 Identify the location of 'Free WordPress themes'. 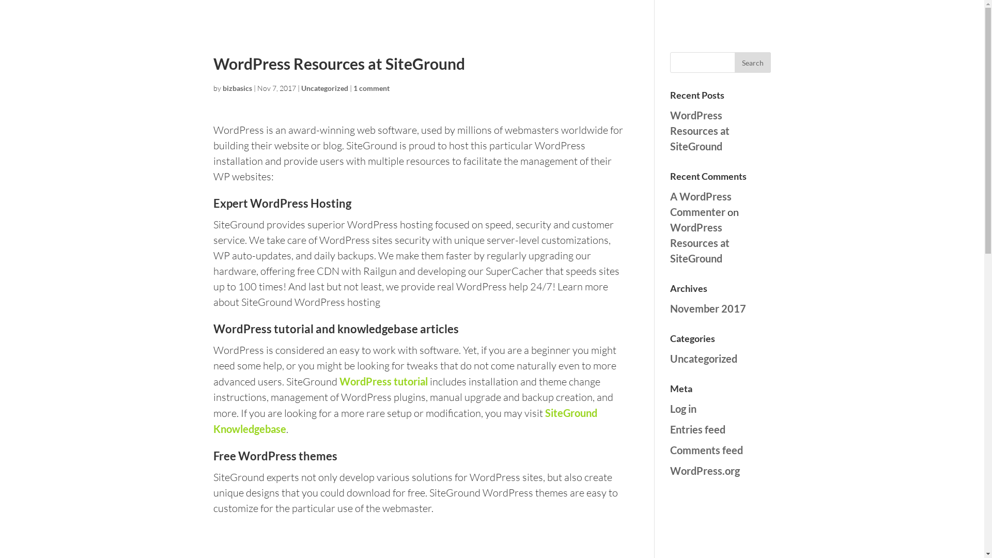
(275, 455).